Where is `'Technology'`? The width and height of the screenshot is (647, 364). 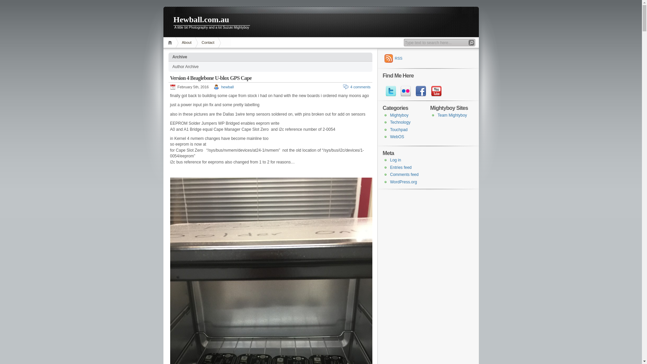 'Technology' is located at coordinates (400, 122).